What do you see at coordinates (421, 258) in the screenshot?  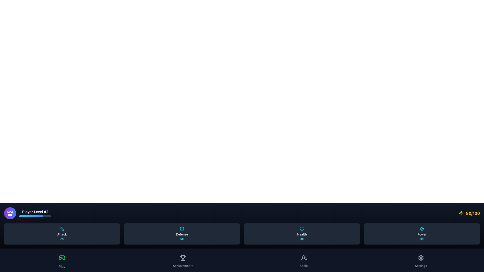 I see `the settings icon button located at the bottom-right corner of the interface, adjacent` at bounding box center [421, 258].